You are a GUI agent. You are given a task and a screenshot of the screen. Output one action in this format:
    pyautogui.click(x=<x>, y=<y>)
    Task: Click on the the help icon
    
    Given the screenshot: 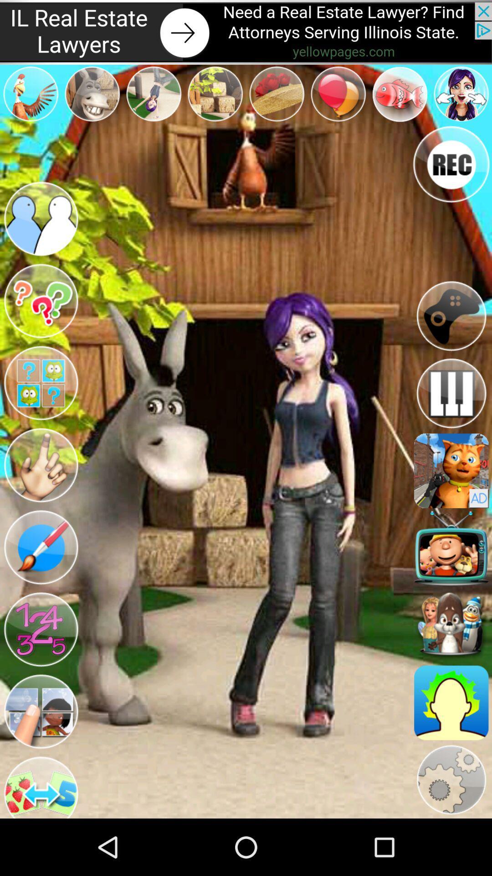 What is the action you would take?
    pyautogui.click(x=40, y=322)
    